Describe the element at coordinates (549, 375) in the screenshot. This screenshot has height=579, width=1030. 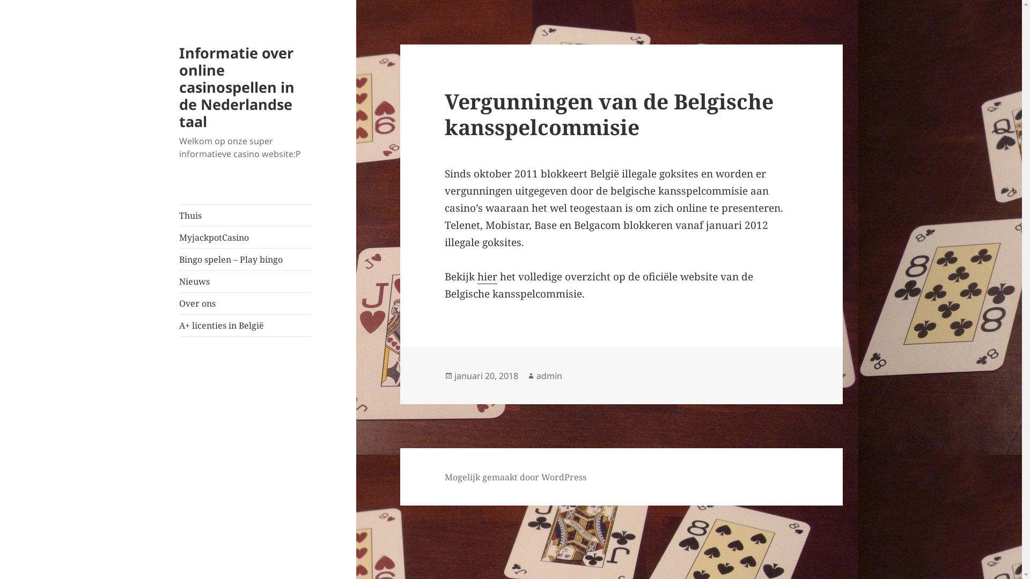
I see `'admin'` at that location.